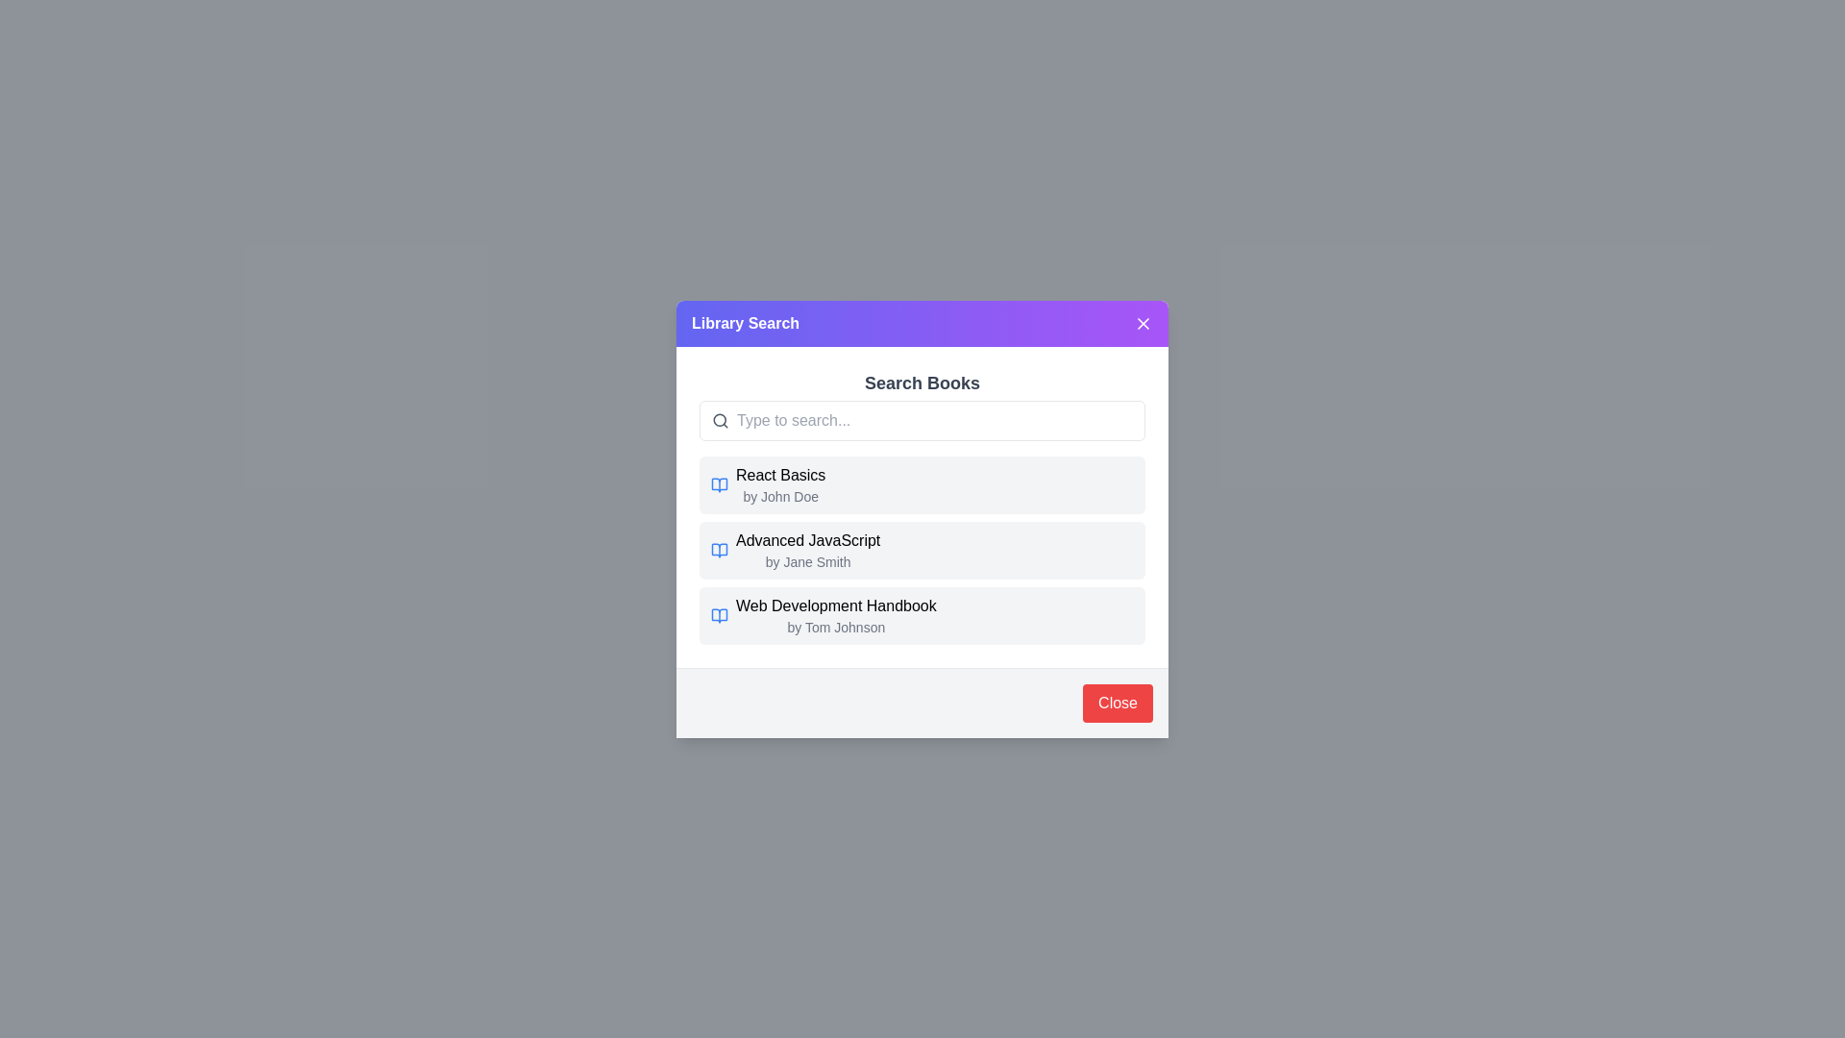  Describe the element at coordinates (922, 383) in the screenshot. I see `the text label that indicates the purpose of the search input field for books, positioned at the top of the modal interface` at that location.